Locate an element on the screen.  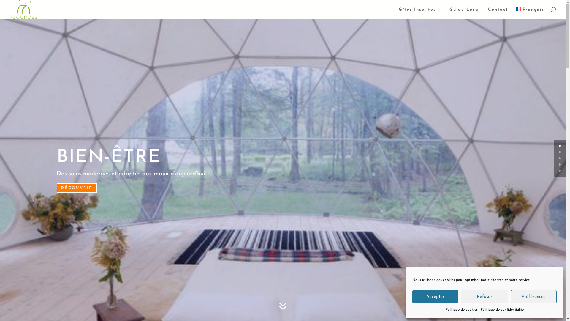
'Politique de cookies' is located at coordinates (461, 309).